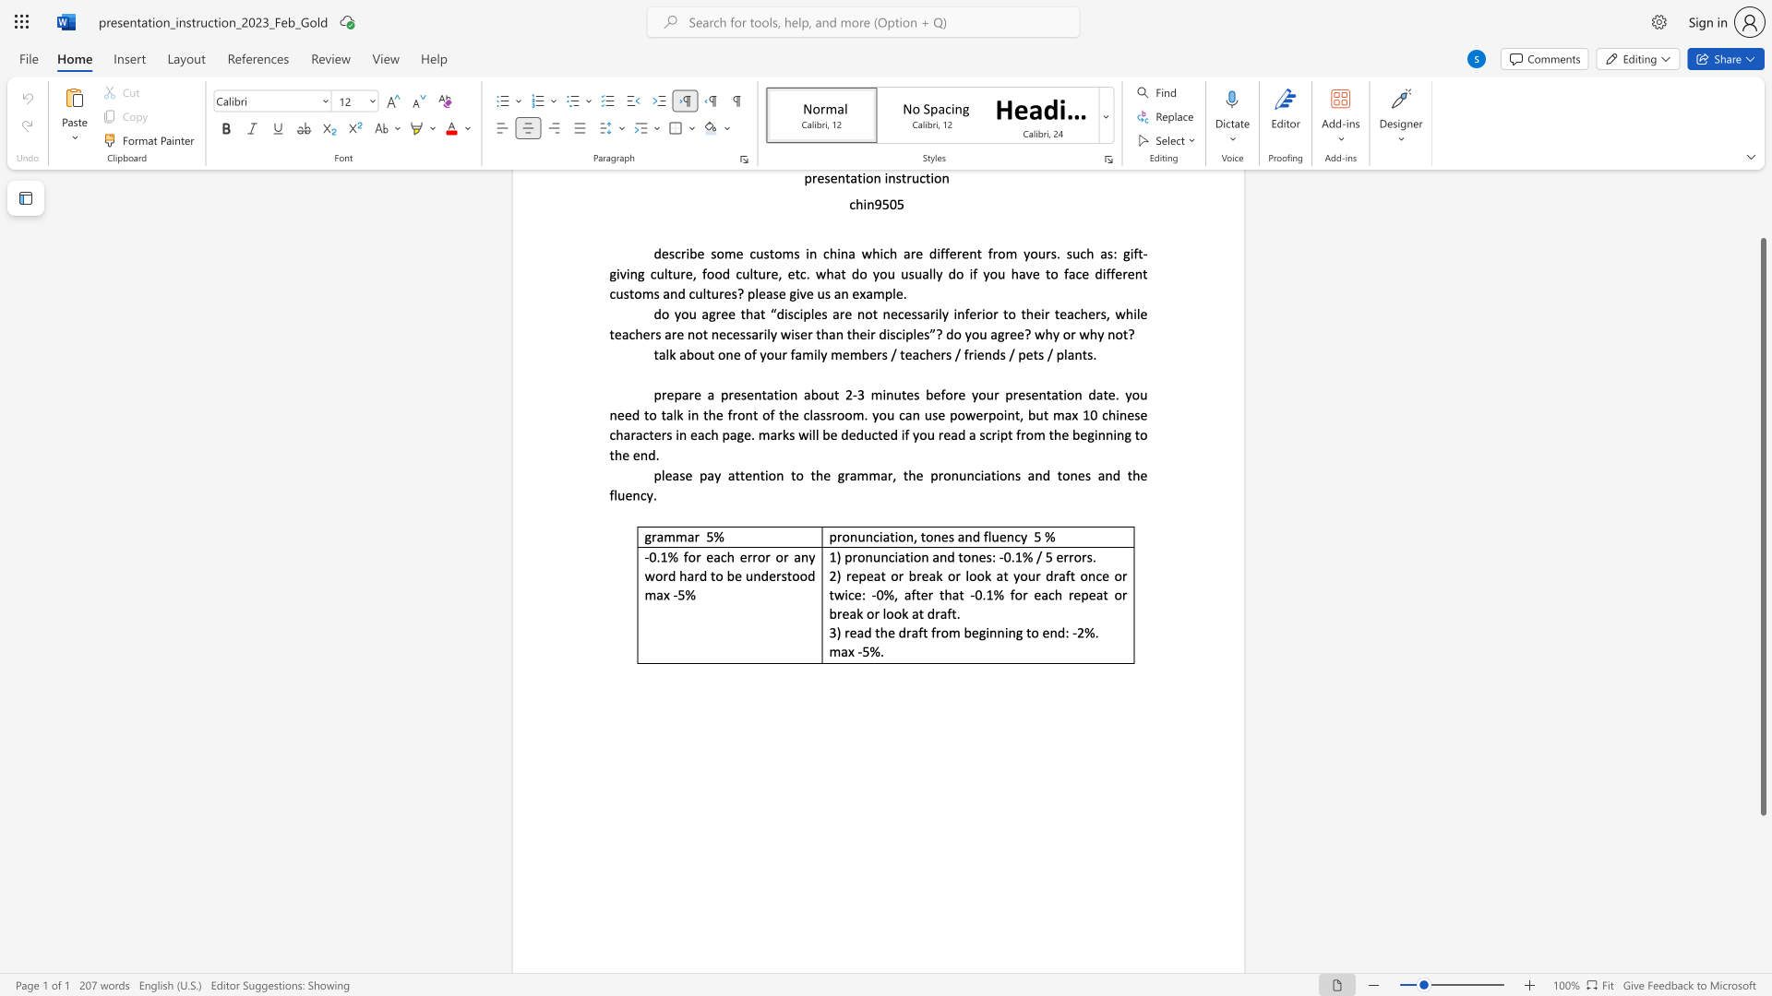  What do you see at coordinates (1762, 527) in the screenshot?
I see `the scrollbar and move up 90 pixels` at bounding box center [1762, 527].